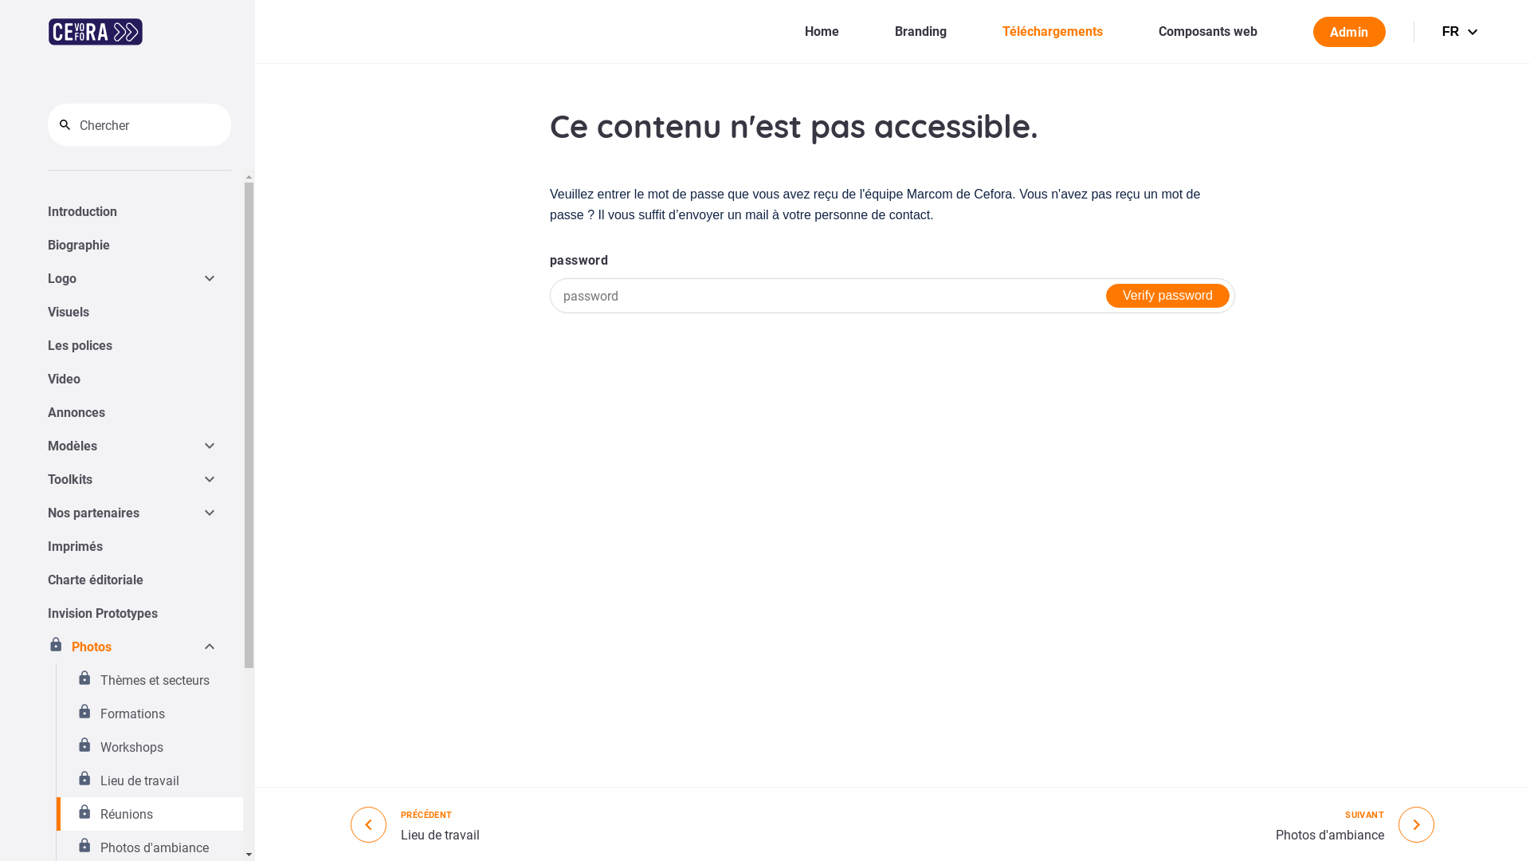 This screenshot has height=861, width=1530. What do you see at coordinates (1461, 30) in the screenshot?
I see `'FR'` at bounding box center [1461, 30].